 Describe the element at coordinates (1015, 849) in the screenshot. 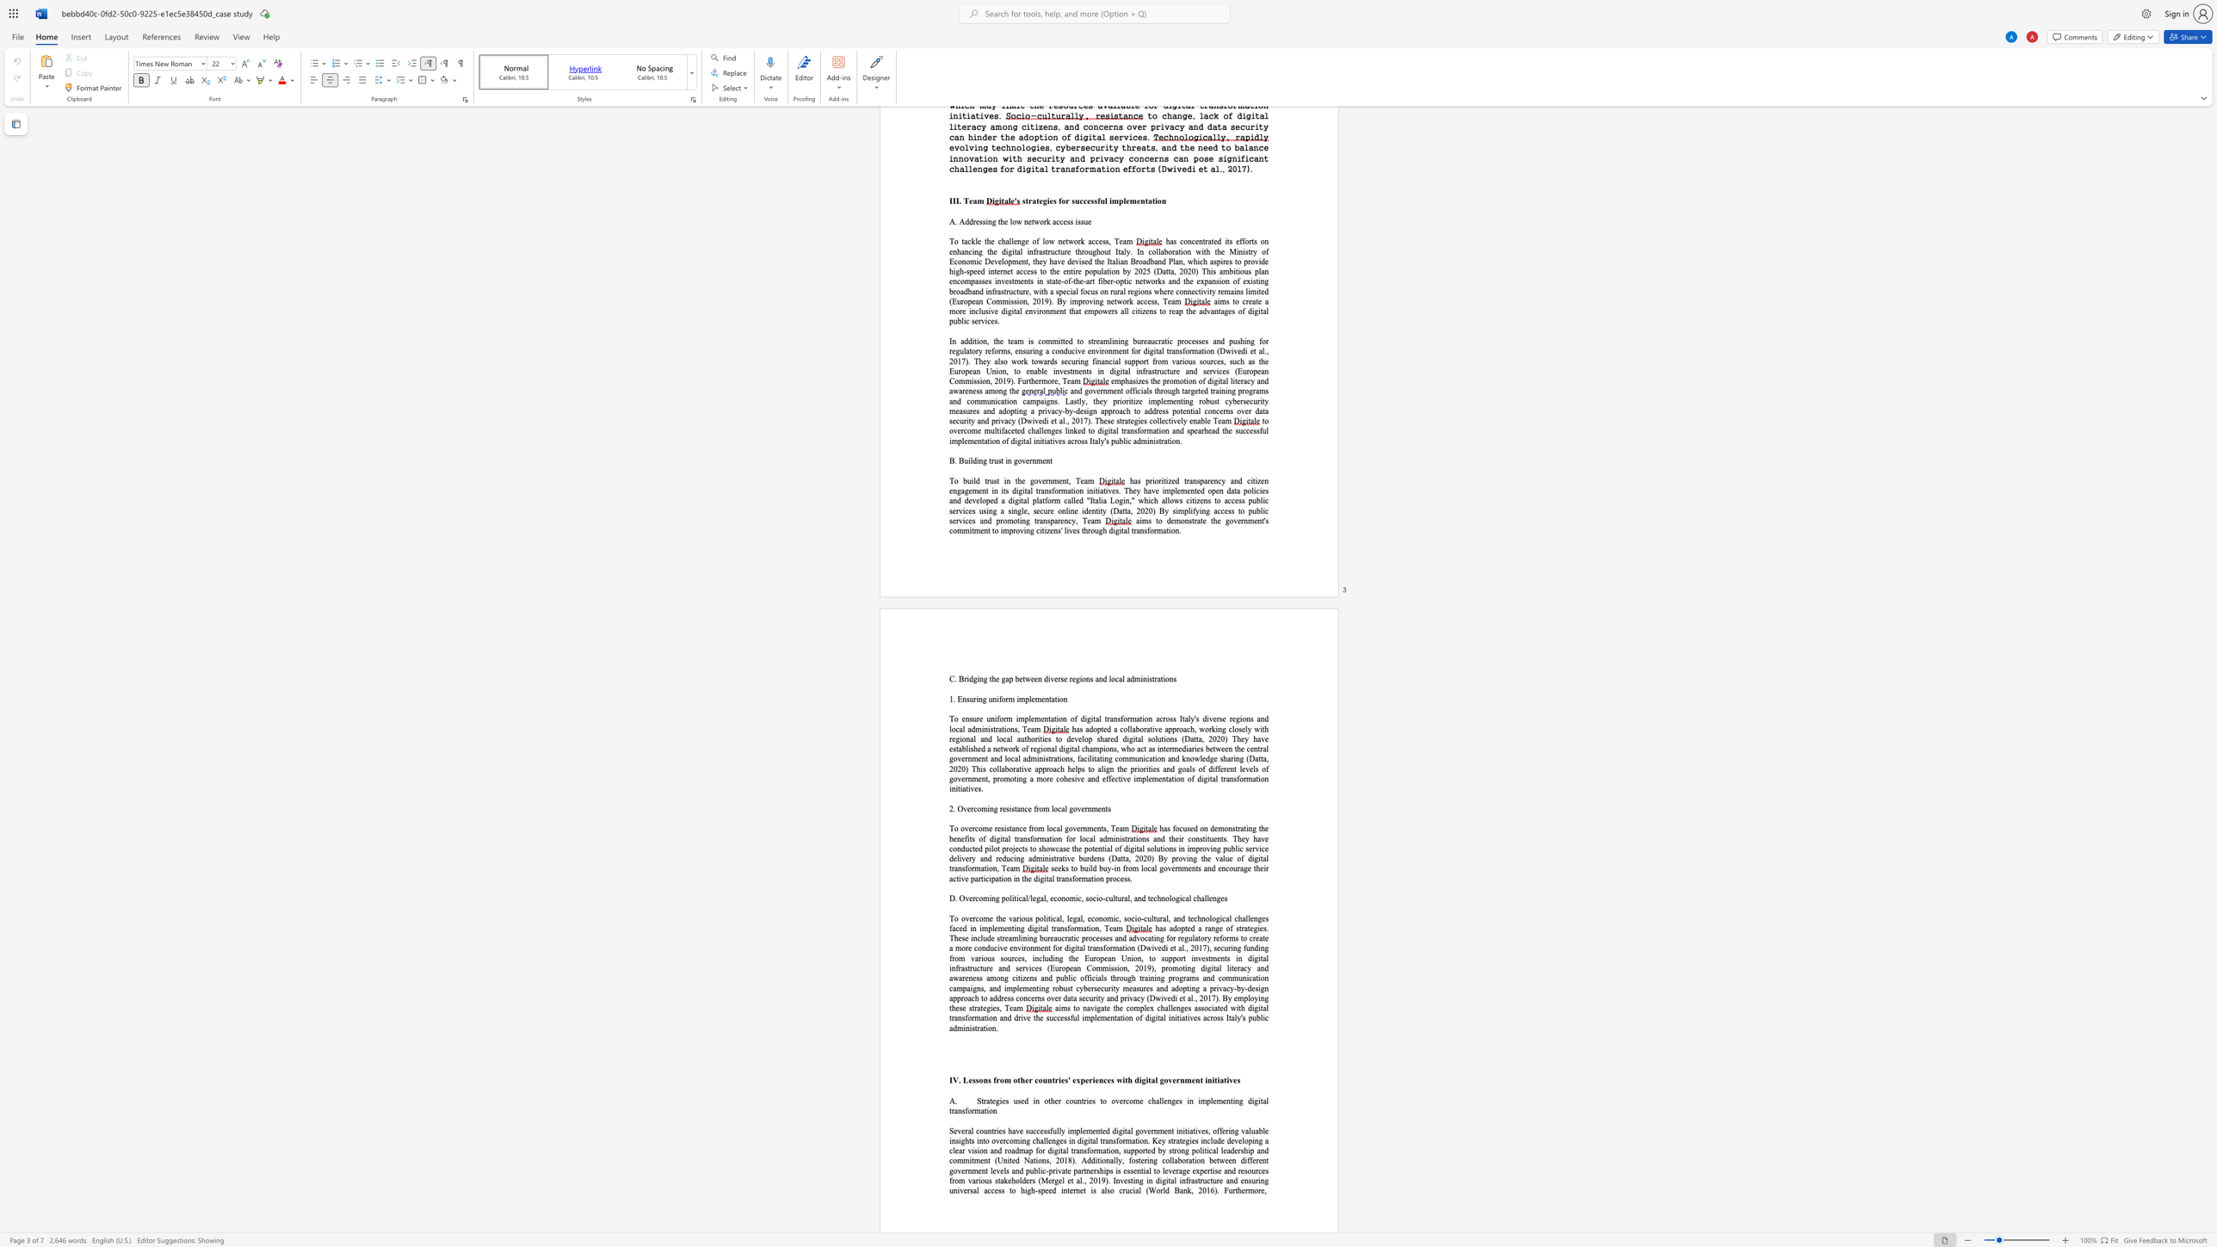

I see `the subset text "ec" within the text "the benefits of digital transformation for local administrations and their constituents. They have conducted pilot projects to"` at that location.